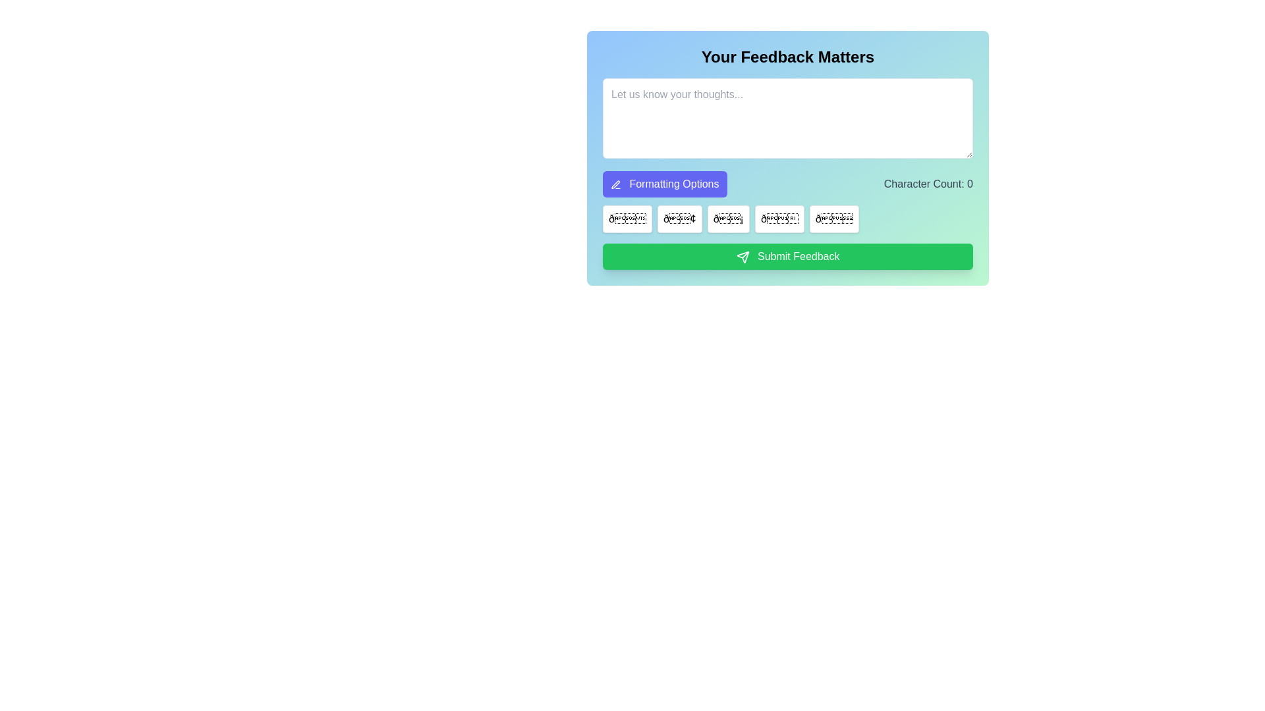 This screenshot has height=711, width=1265. What do you see at coordinates (727, 218) in the screenshot?
I see `the emoji button, which is a rectangular interactive component with a white background and rounded corners, located as the third option in a horizontal row below a text input field` at bounding box center [727, 218].